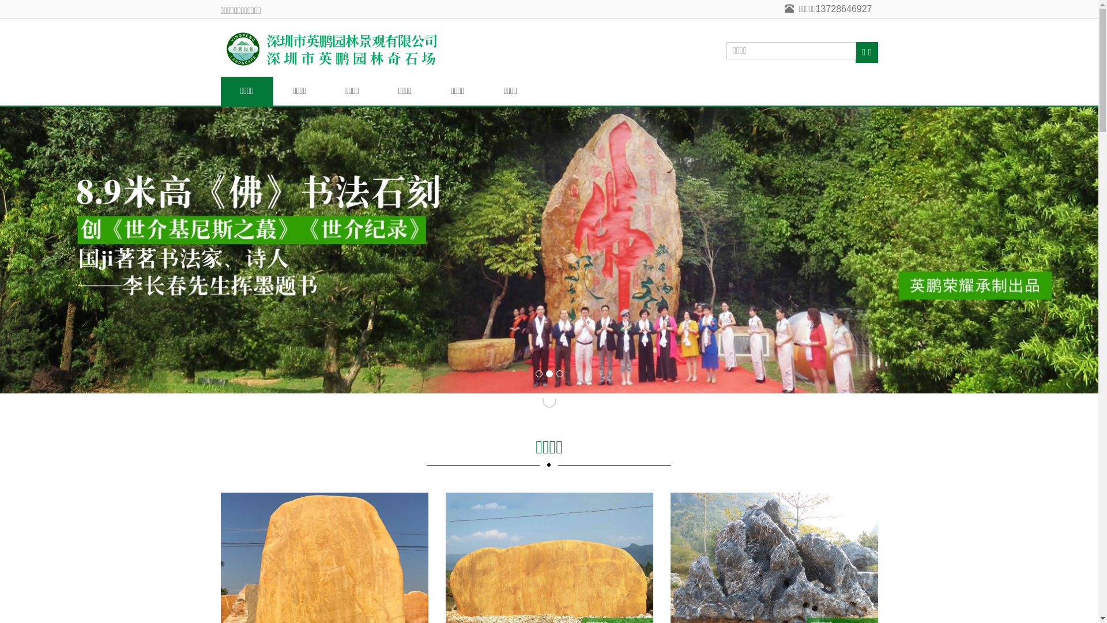 Image resolution: width=1107 pixels, height=623 pixels. Describe the element at coordinates (559, 374) in the screenshot. I see `'3'` at that location.